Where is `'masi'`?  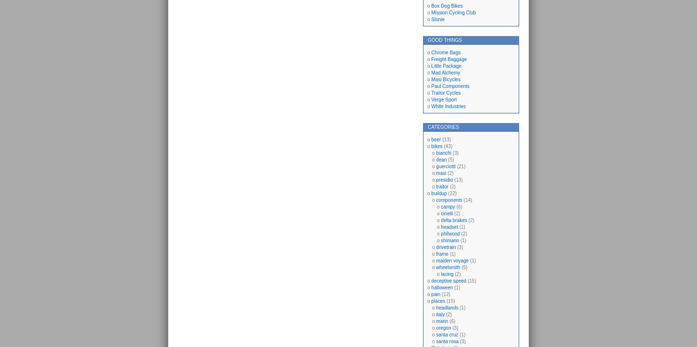 'masi' is located at coordinates (440, 173).